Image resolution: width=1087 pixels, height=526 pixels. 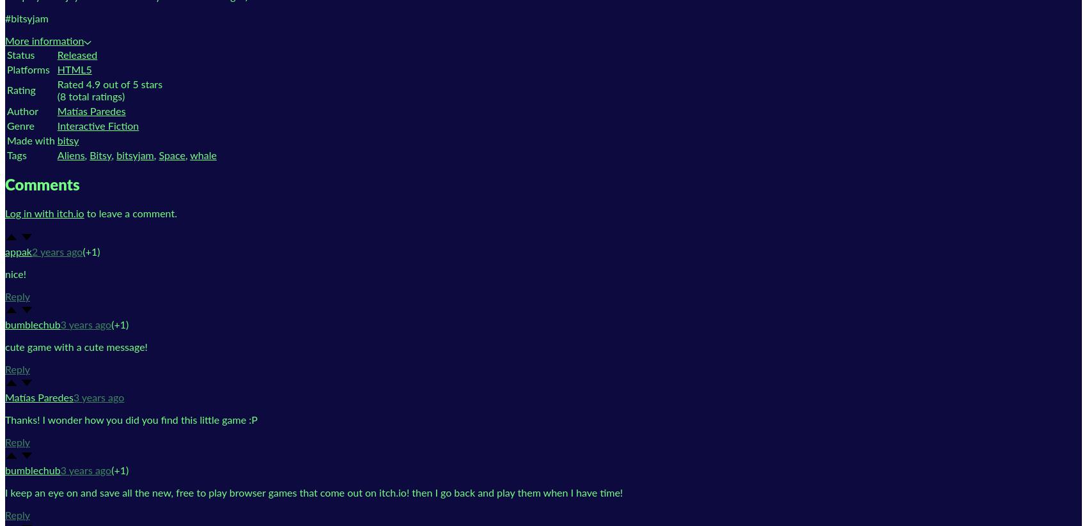 What do you see at coordinates (17, 155) in the screenshot?
I see `'Tags'` at bounding box center [17, 155].